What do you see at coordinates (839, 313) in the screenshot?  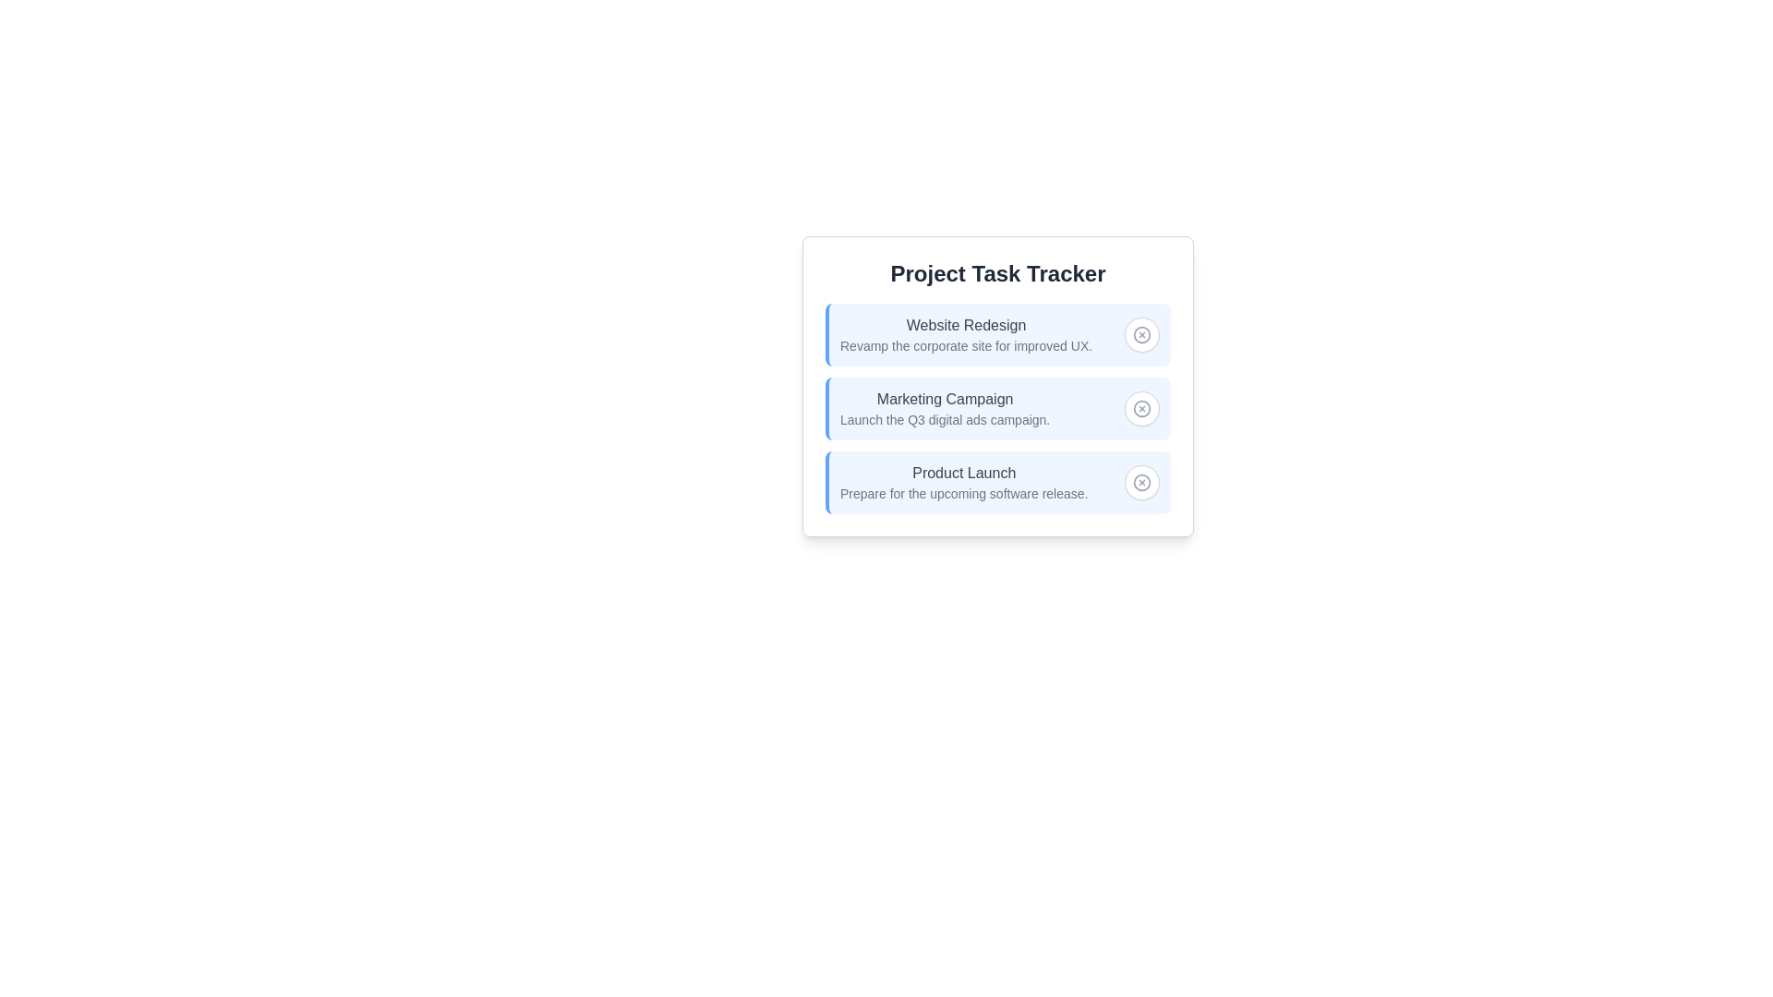 I see `the project name to view its details` at bounding box center [839, 313].